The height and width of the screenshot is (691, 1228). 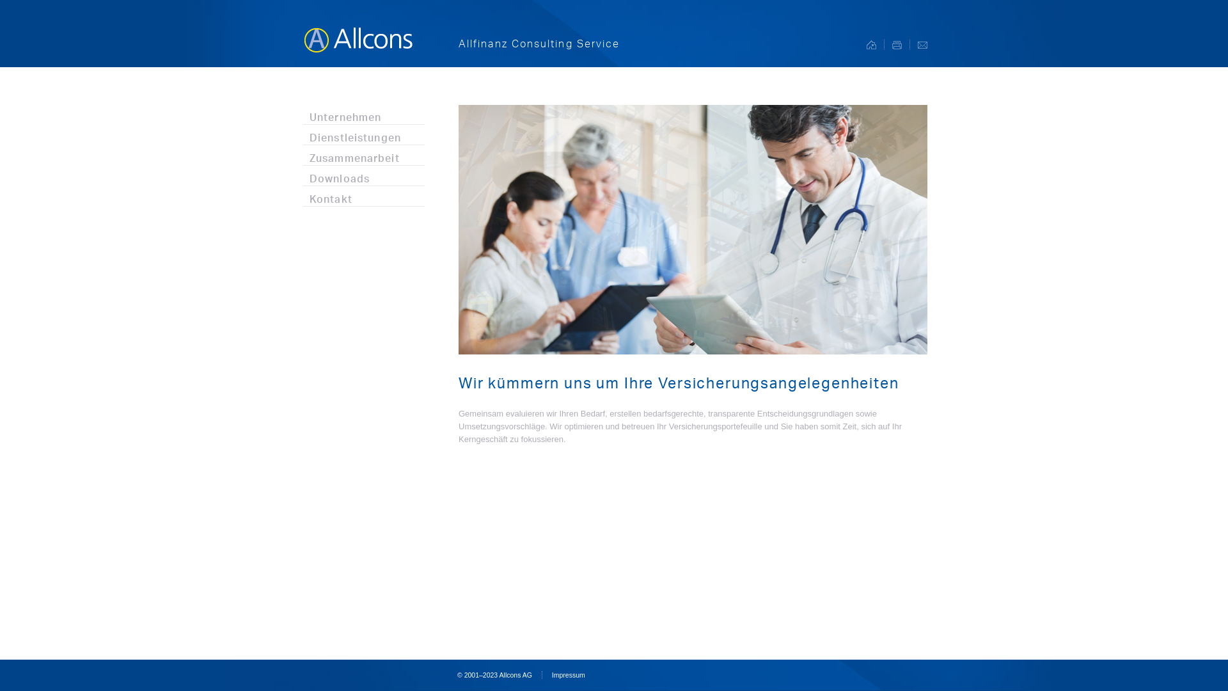 I want to click on 'Dienstleistungen', so click(x=363, y=134).